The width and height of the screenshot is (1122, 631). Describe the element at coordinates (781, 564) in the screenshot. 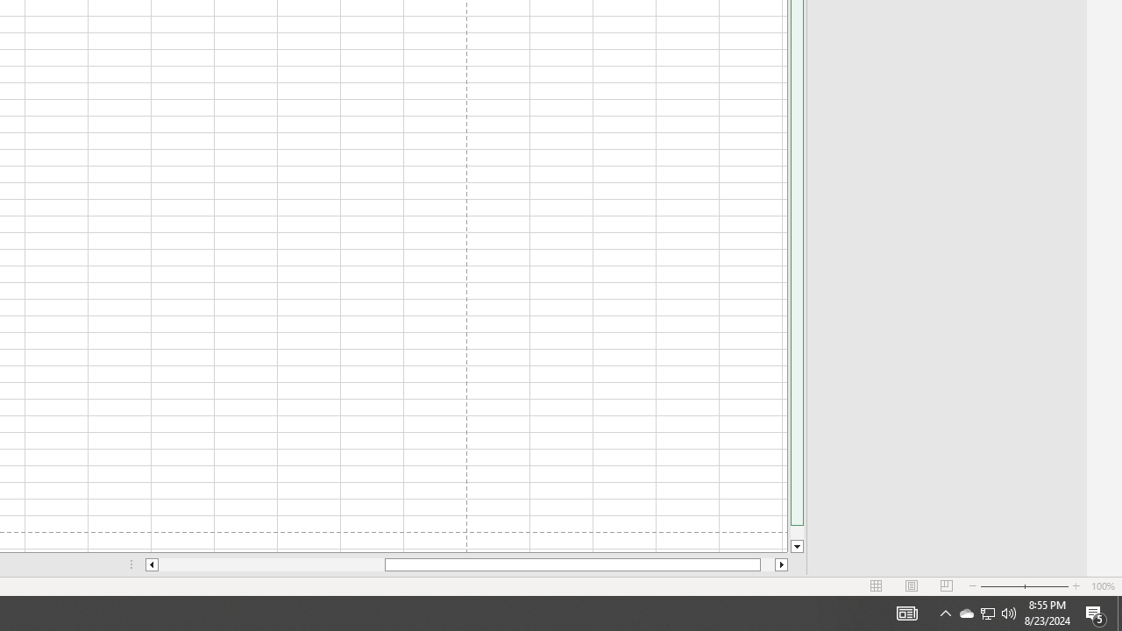

I see `'Column right'` at that location.